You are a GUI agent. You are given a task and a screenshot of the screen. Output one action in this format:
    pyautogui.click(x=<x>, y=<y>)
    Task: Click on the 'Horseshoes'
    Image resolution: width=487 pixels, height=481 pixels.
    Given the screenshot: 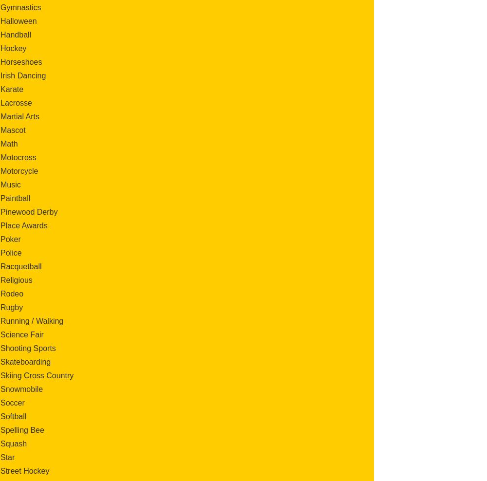 What is the action you would take?
    pyautogui.click(x=21, y=61)
    